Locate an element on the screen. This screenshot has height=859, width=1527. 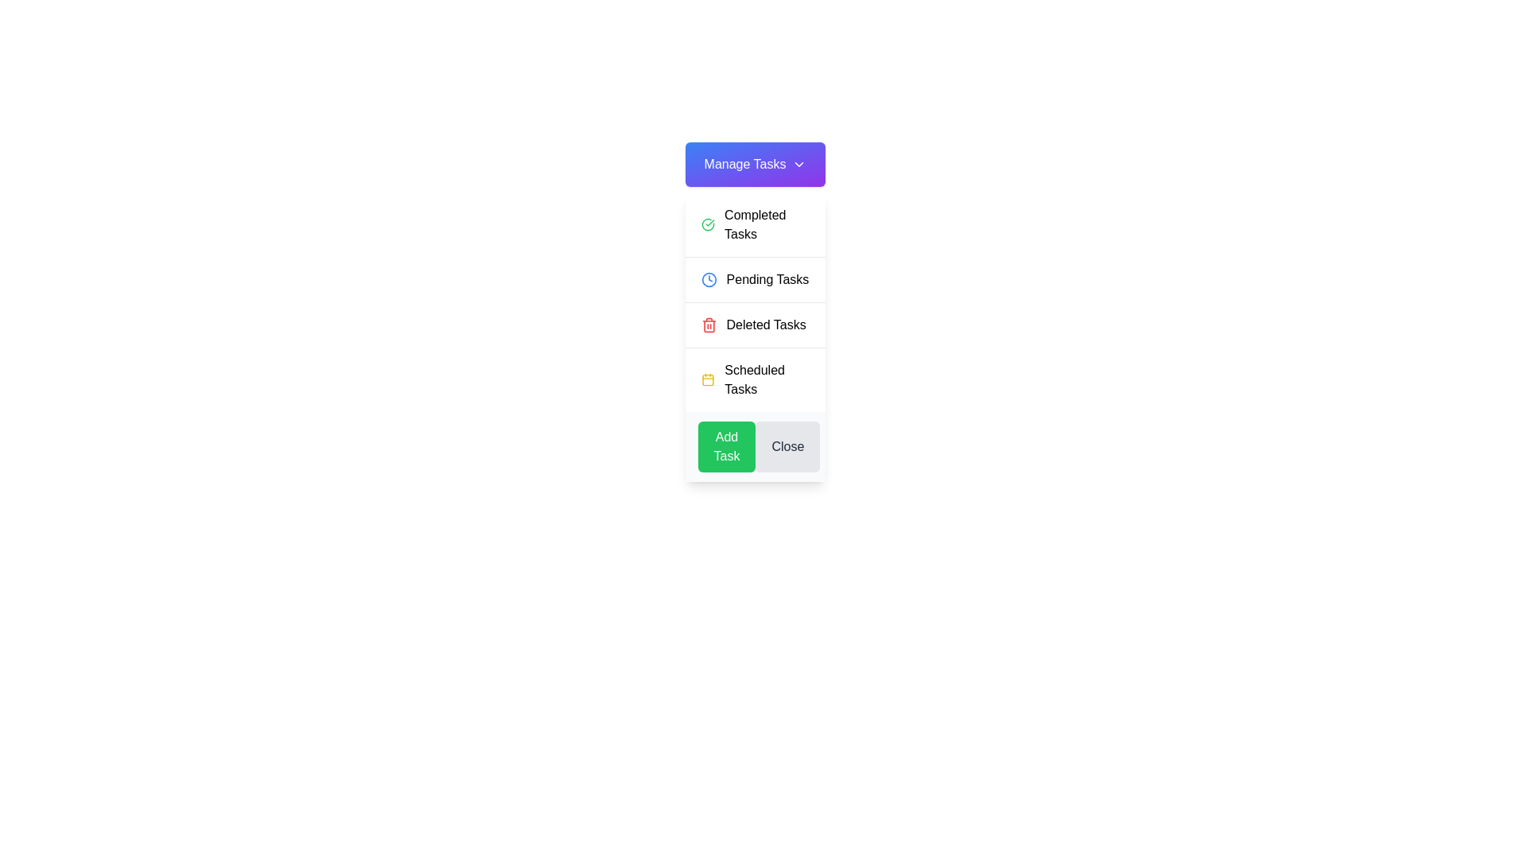
the red trash can icon that represents a delete symbol, located to the left of the 'Deleted Tasks' text in the menu is located at coordinates (708, 324).